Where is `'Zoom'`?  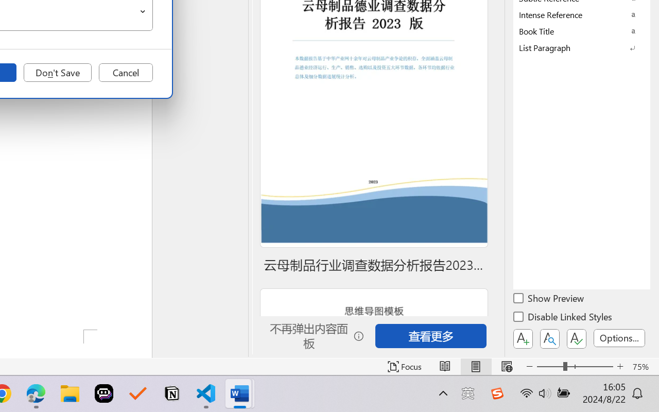 'Zoom' is located at coordinates (574, 366).